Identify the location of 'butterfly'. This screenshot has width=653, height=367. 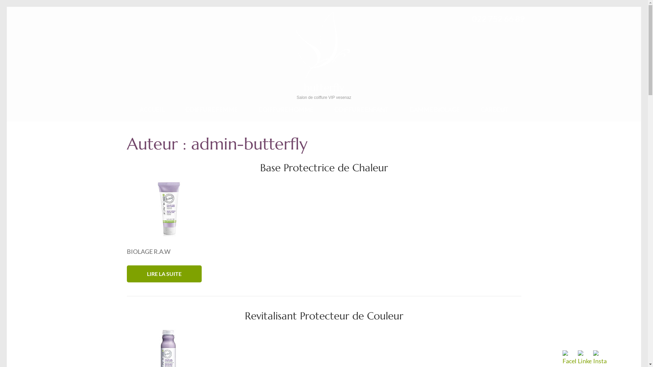
(323, 87).